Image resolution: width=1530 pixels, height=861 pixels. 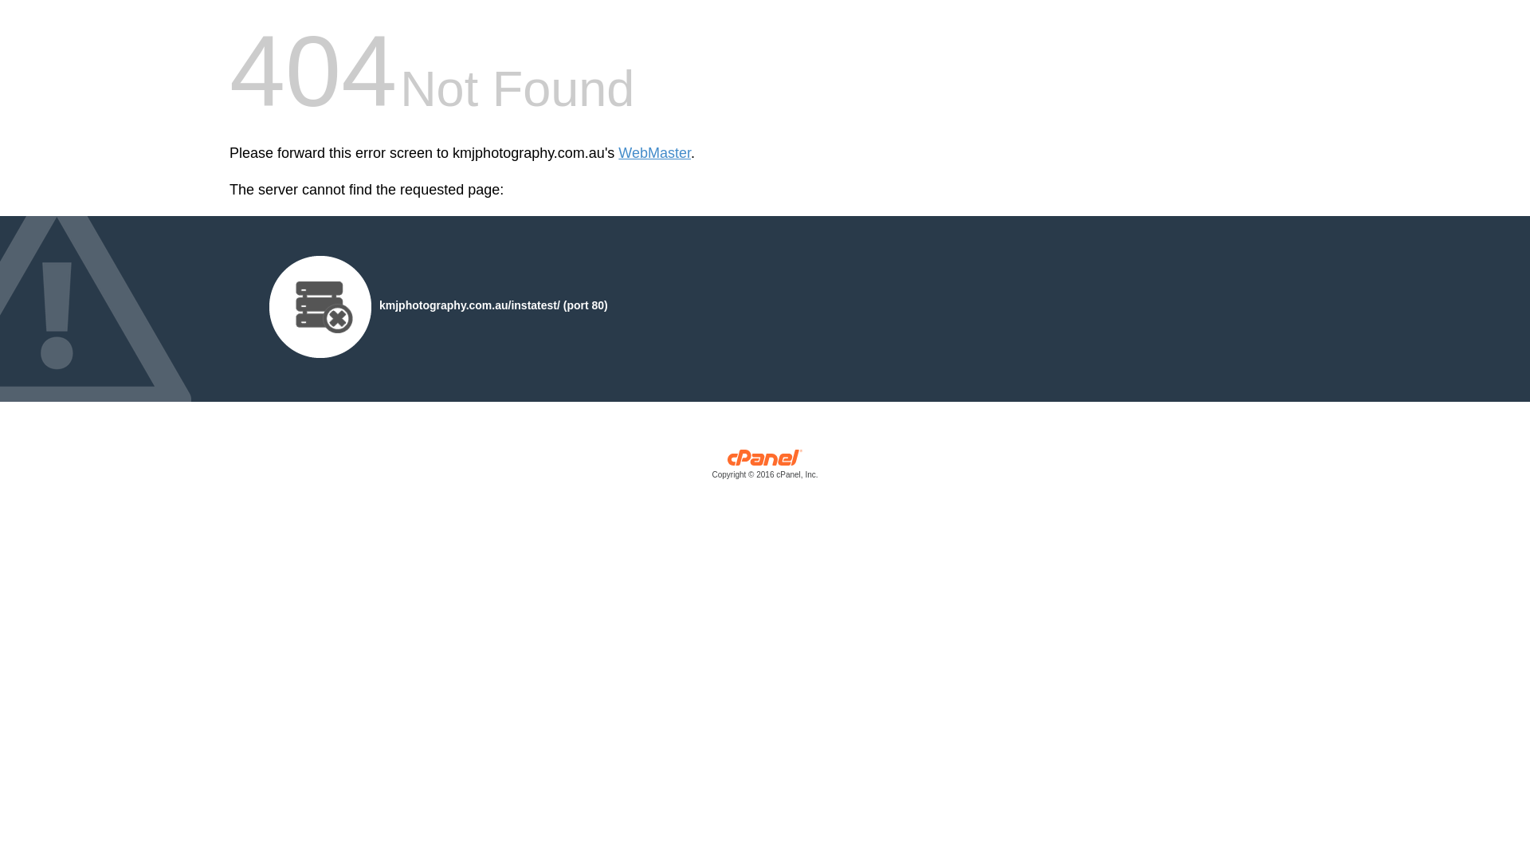 What do you see at coordinates (654, 153) in the screenshot?
I see `'WebMaster'` at bounding box center [654, 153].